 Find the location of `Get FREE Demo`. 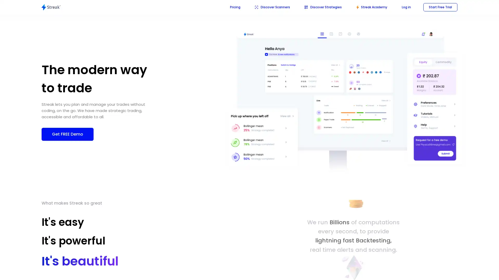

Get FREE Demo is located at coordinates (67, 134).